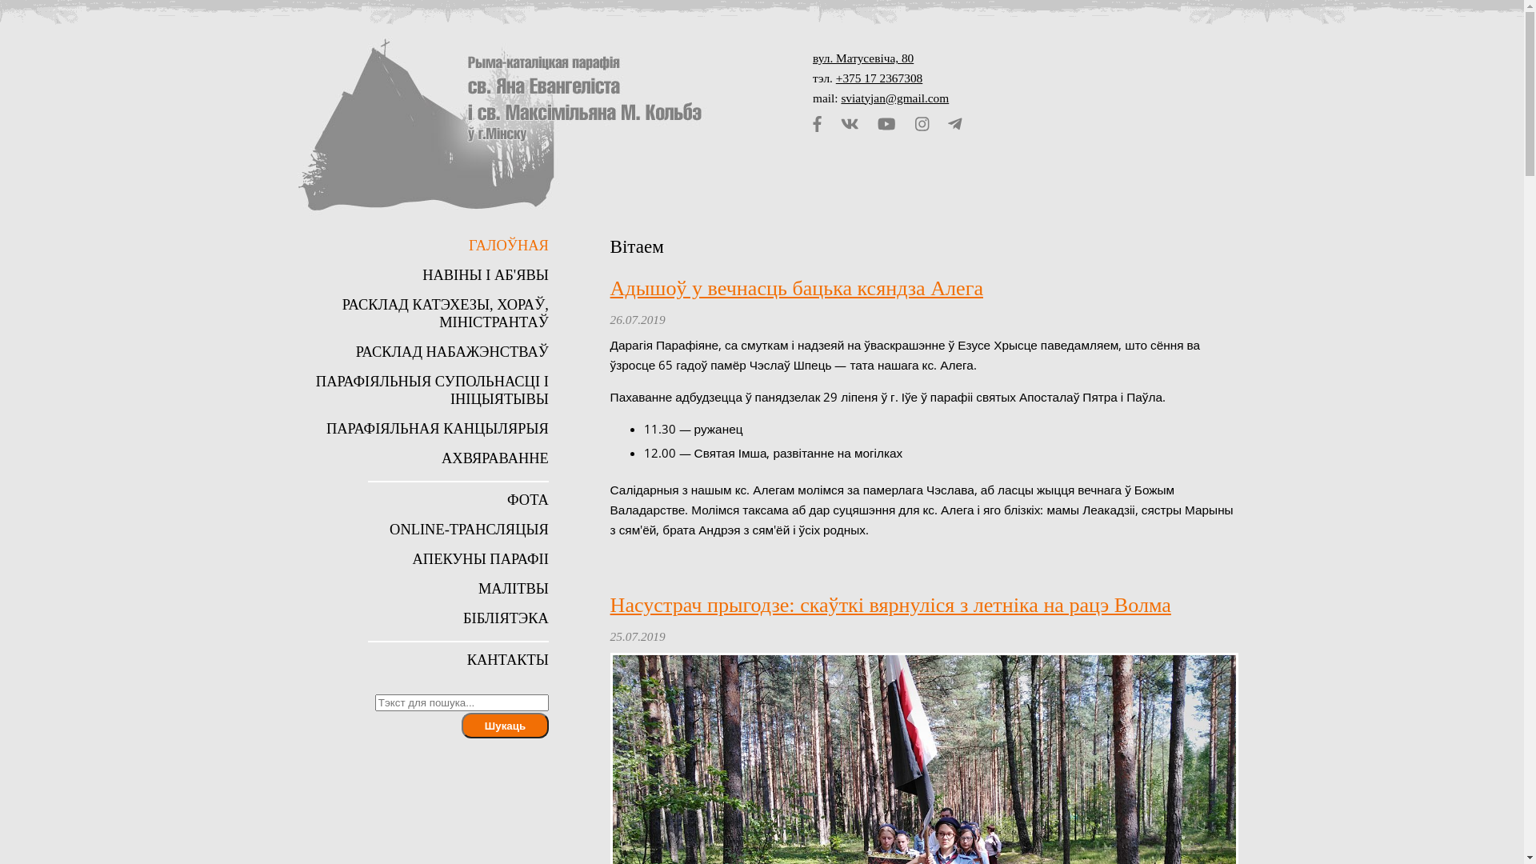 Image resolution: width=1536 pixels, height=864 pixels. What do you see at coordinates (835, 78) in the screenshot?
I see `'+375 17 2367308'` at bounding box center [835, 78].